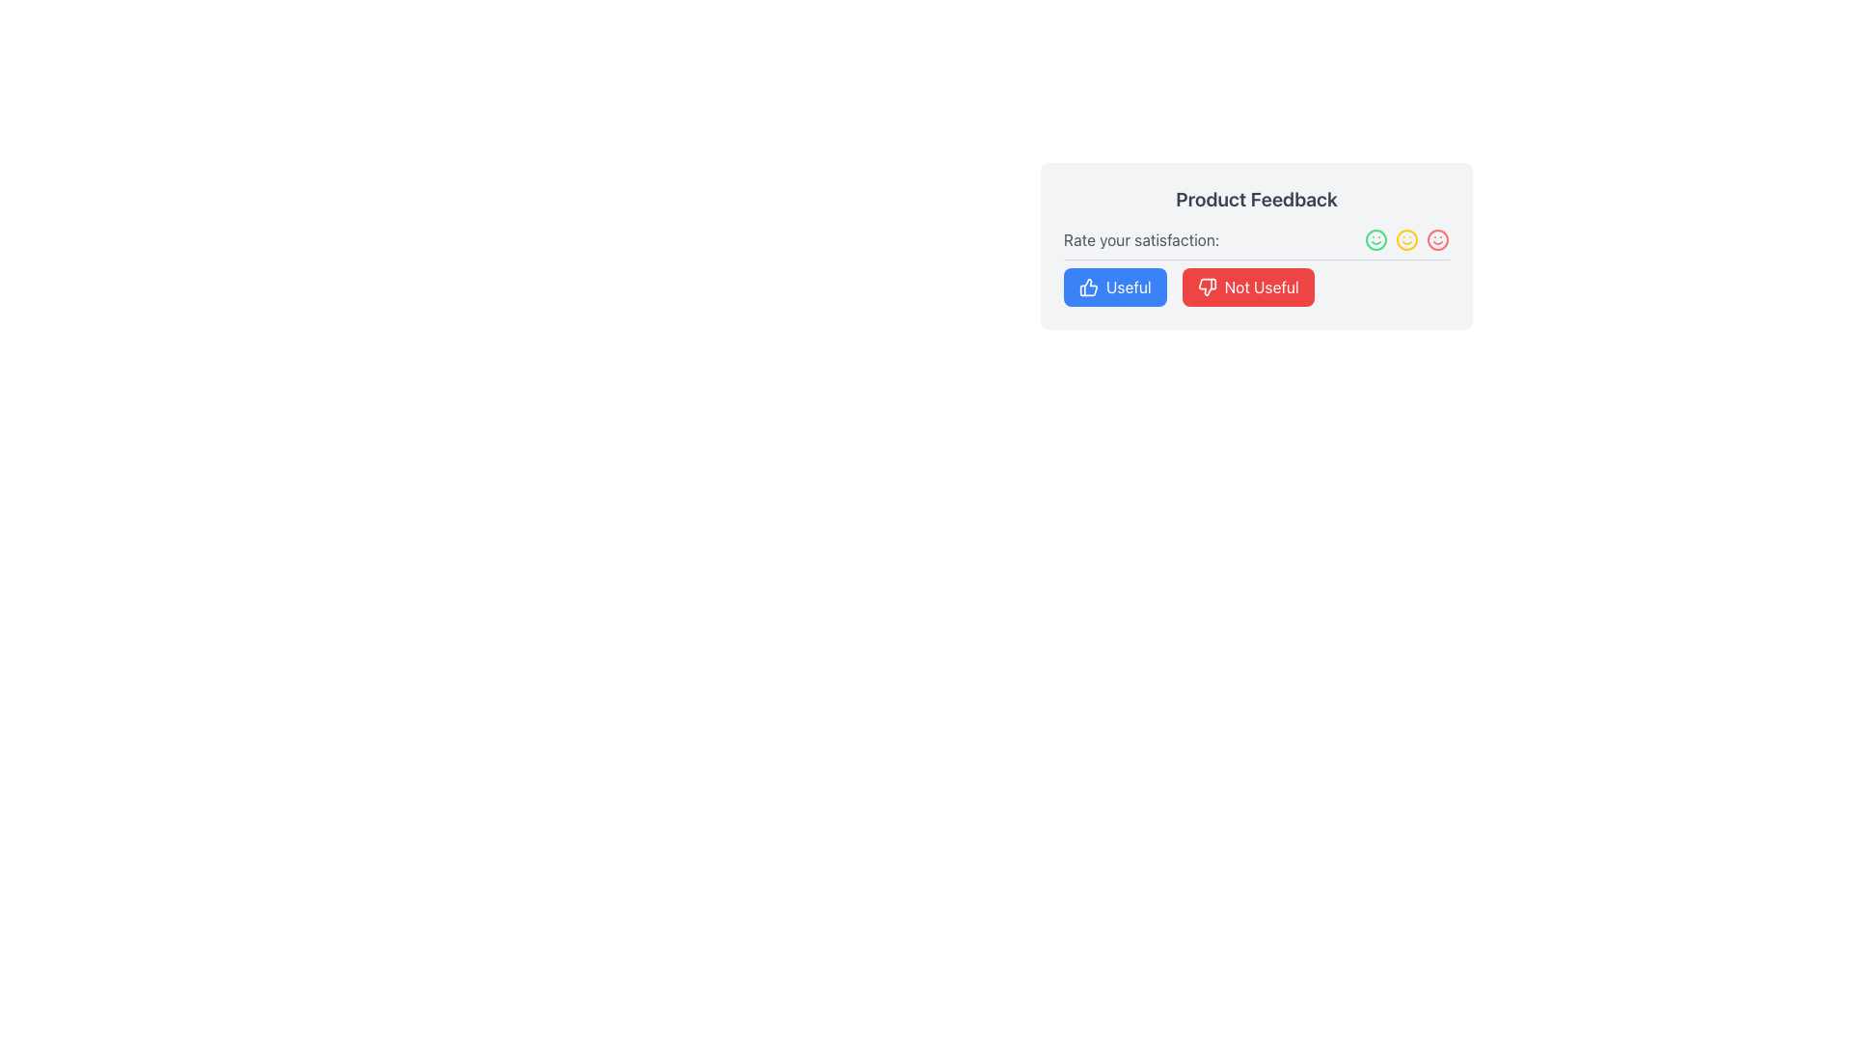  I want to click on the red smiley face icon, which is the fourth icon in a horizontal sequence of smiley faces under the header 'Rate your satisfaction.', so click(1438, 239).